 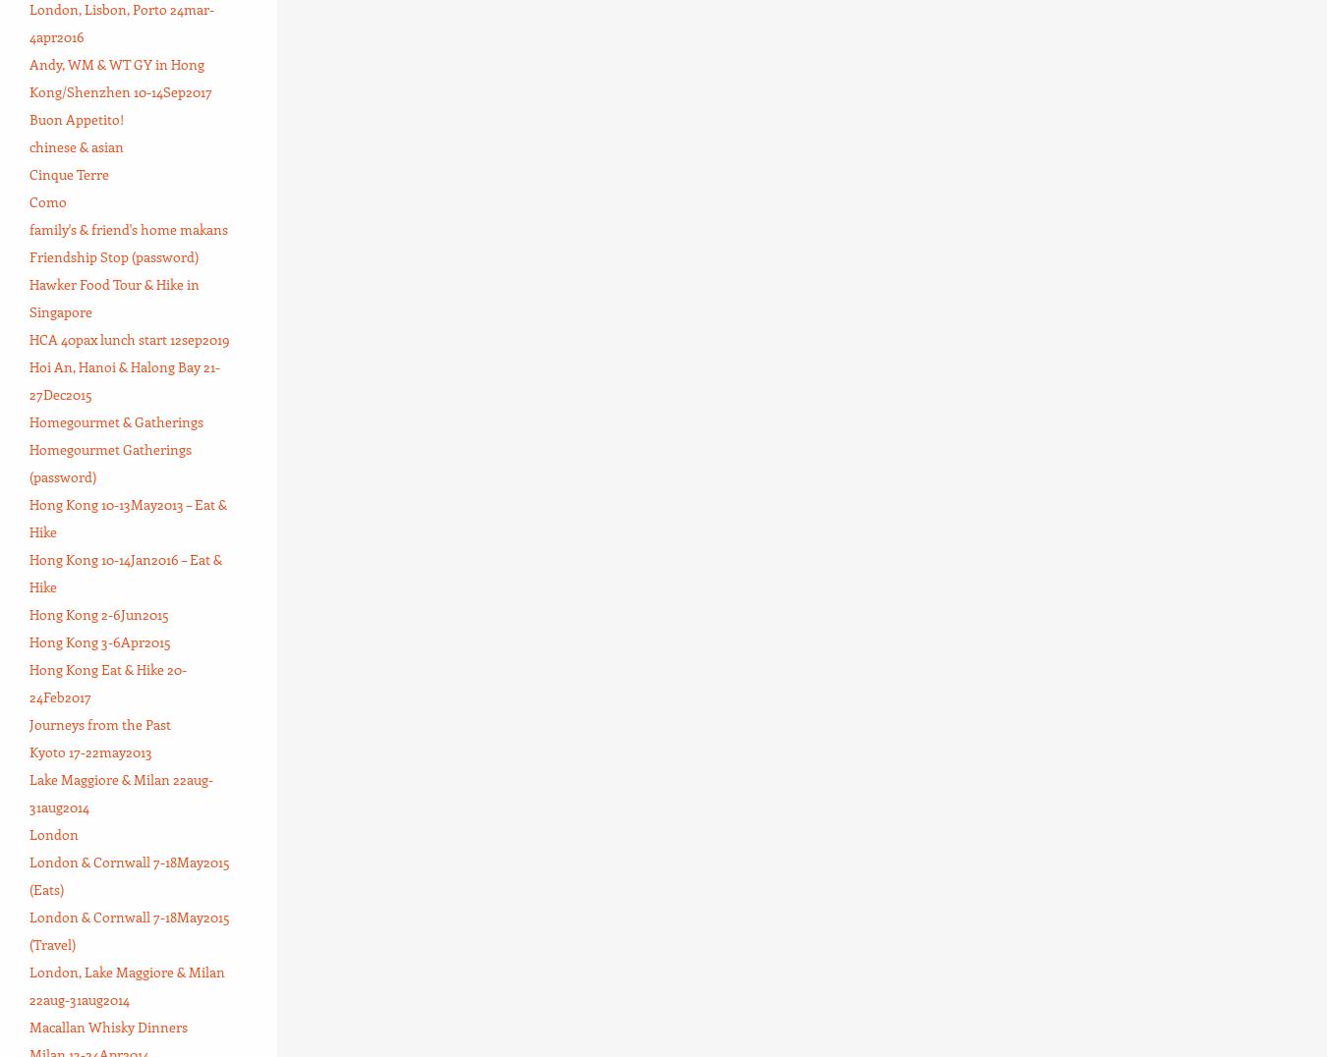 I want to click on 'Friendship Stop (password)', so click(x=113, y=255).